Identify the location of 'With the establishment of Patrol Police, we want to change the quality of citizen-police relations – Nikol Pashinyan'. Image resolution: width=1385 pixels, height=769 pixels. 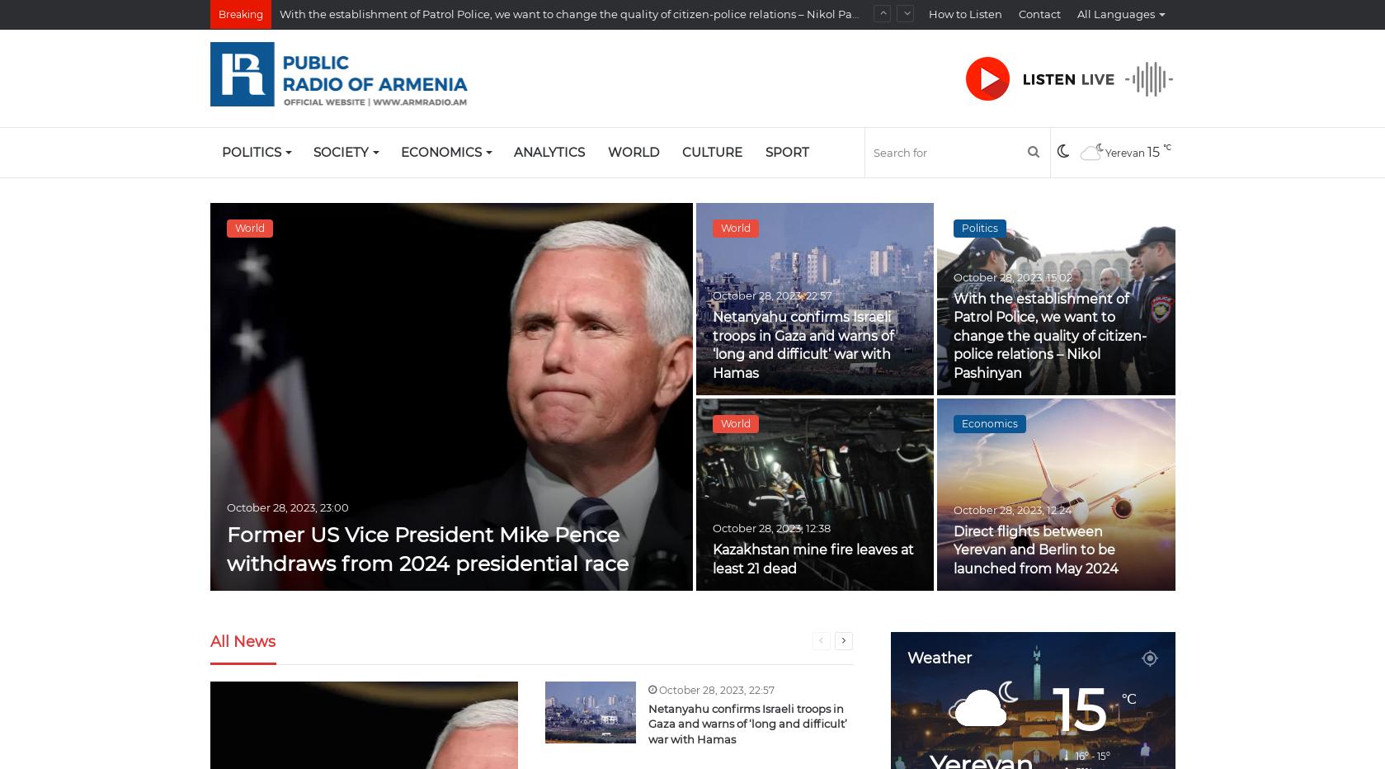
(1049, 335).